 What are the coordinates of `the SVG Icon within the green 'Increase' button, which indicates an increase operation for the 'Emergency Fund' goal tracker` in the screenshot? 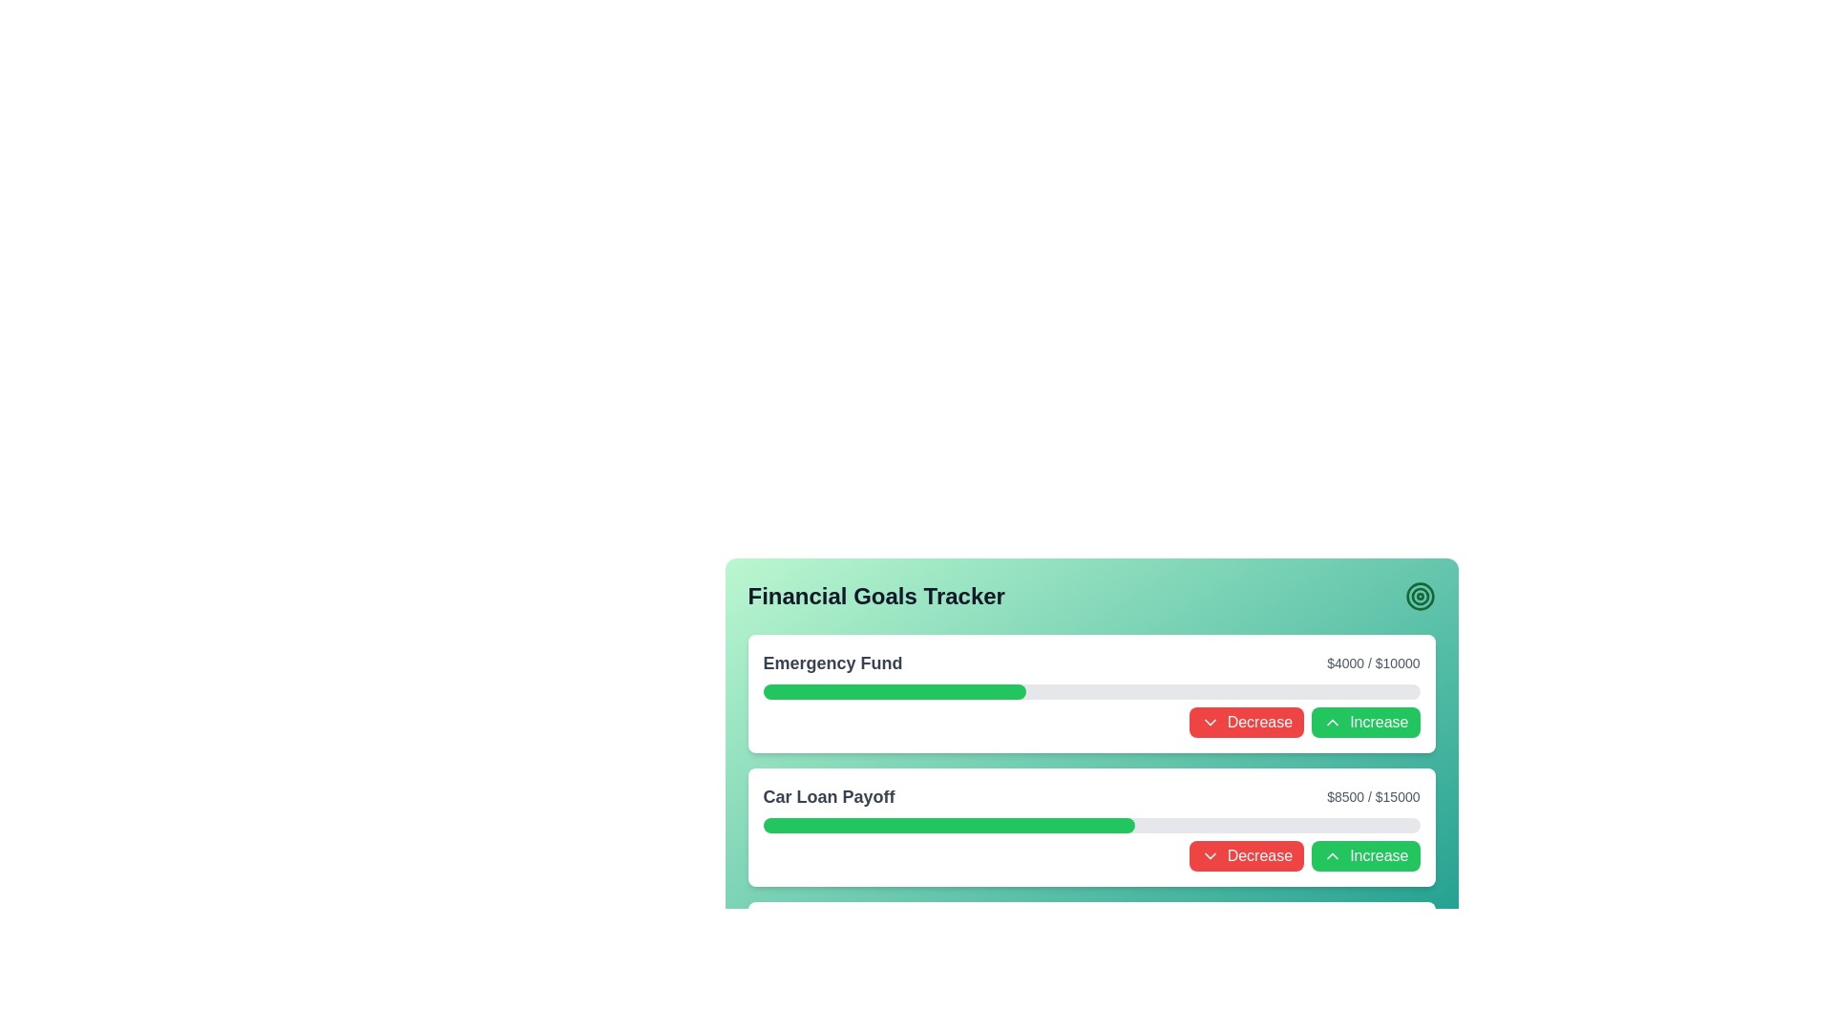 It's located at (1332, 722).